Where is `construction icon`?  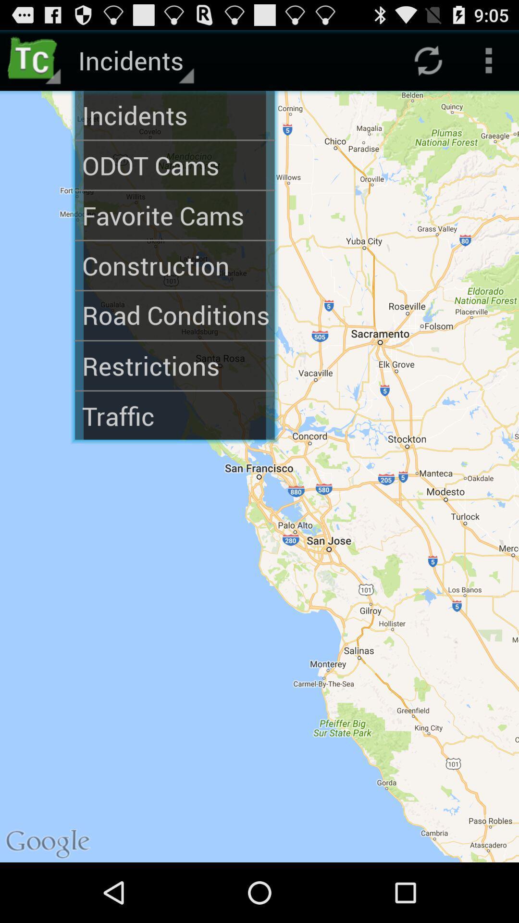 construction icon is located at coordinates (174, 265).